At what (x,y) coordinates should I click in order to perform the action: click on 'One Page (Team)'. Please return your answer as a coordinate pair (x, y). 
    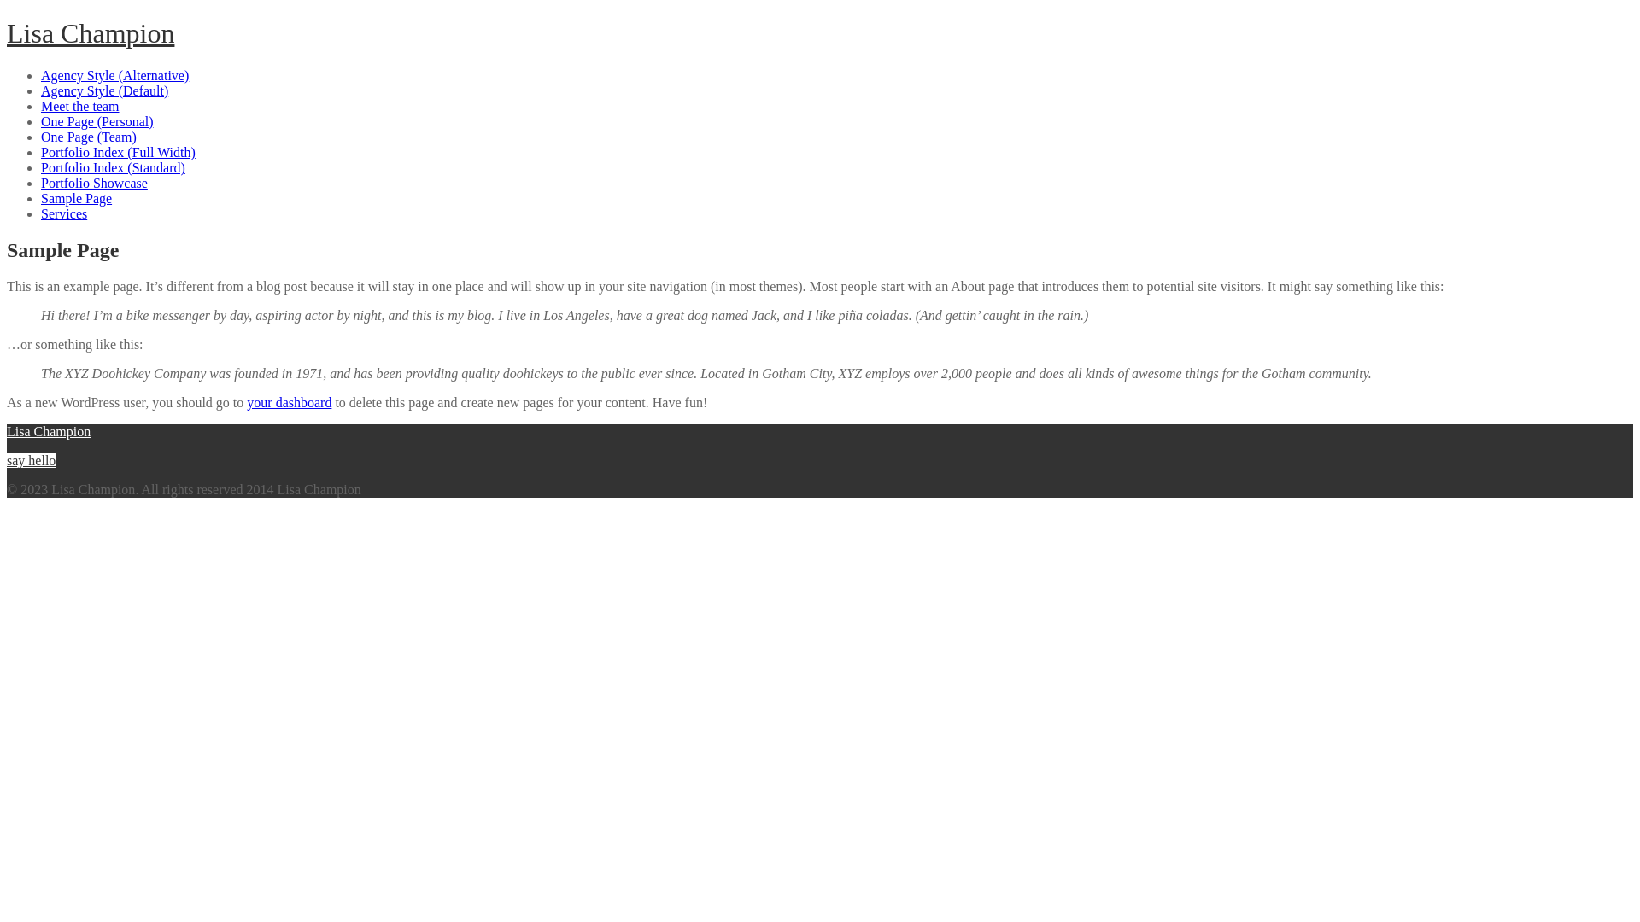
    Looking at the image, I should click on (41, 136).